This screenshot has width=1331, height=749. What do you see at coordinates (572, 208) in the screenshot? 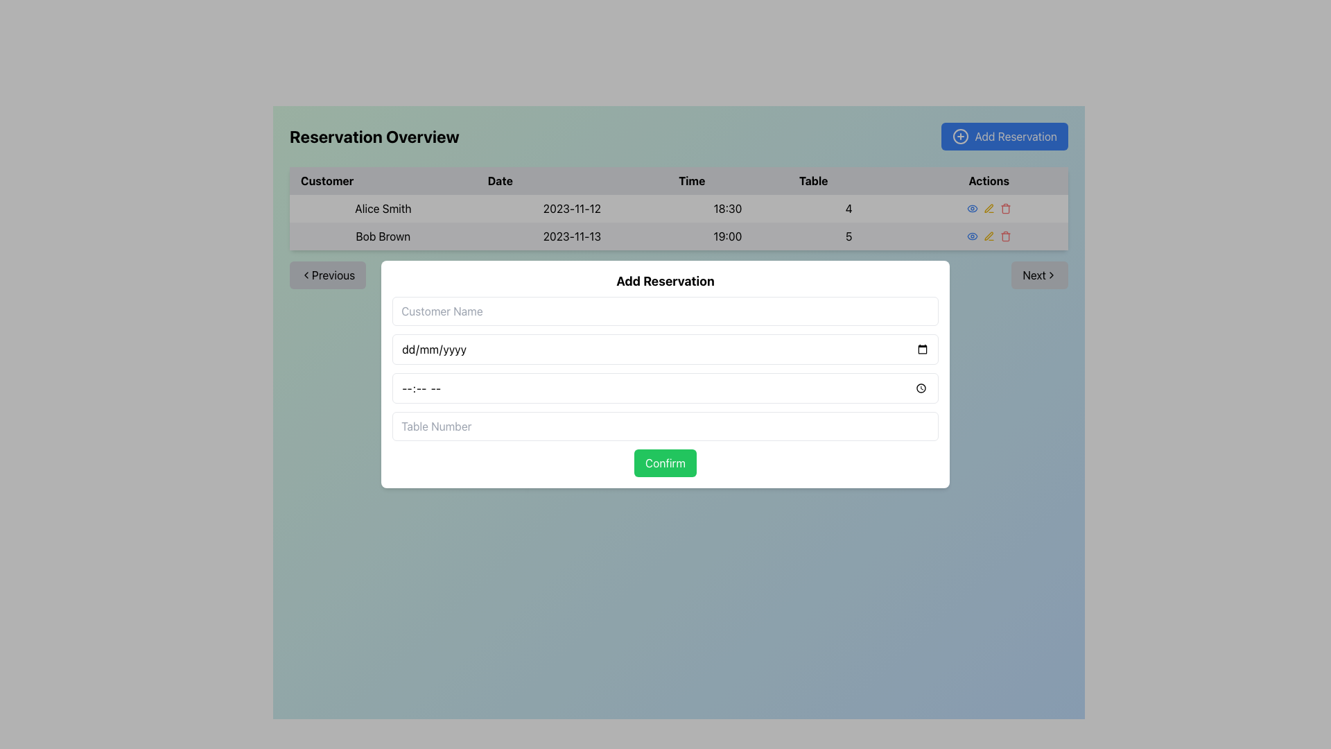
I see `the text element displaying '2023-11-12' located in the second cell of the first data row beneath the 'Date' column in the reservation table` at bounding box center [572, 208].